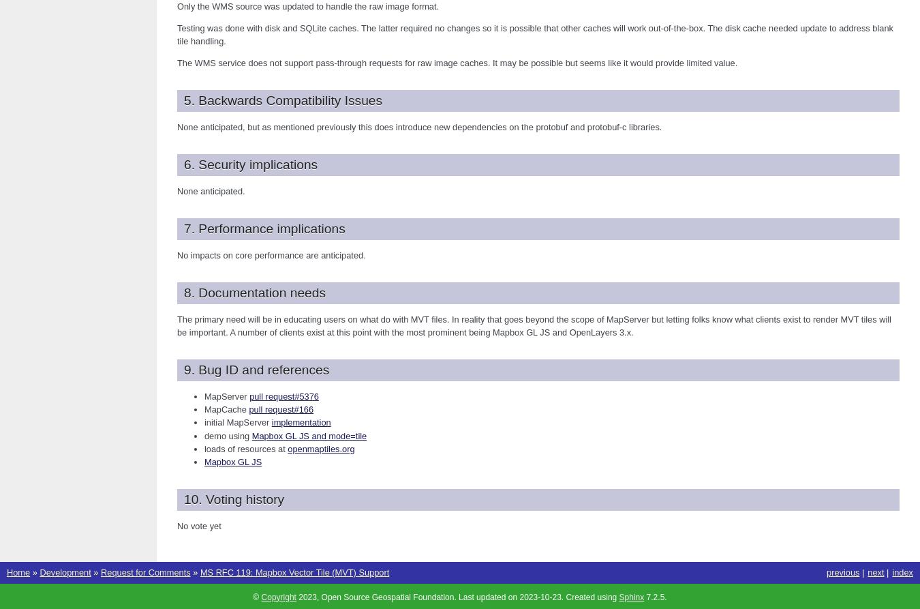 This screenshot has width=920, height=609. I want to click on 'implementation', so click(301, 422).